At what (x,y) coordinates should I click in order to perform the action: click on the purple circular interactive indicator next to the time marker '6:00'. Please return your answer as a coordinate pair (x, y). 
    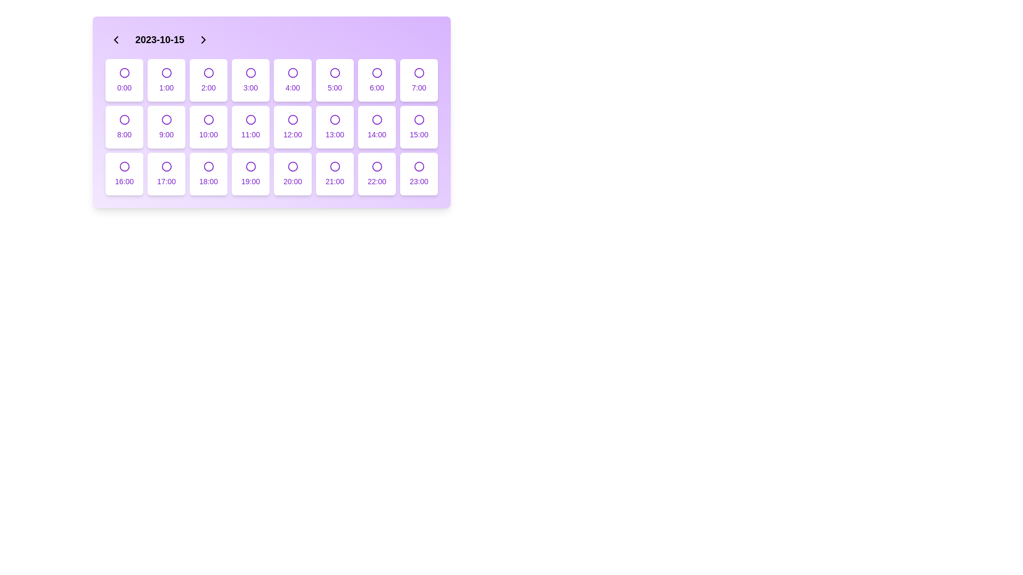
    Looking at the image, I should click on (377, 72).